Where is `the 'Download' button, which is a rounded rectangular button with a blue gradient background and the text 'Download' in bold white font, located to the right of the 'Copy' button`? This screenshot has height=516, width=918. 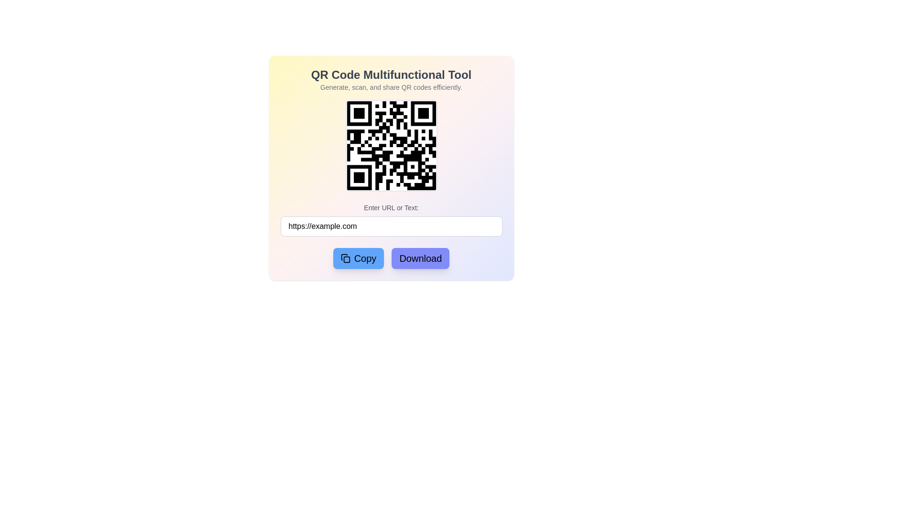 the 'Download' button, which is a rounded rectangular button with a blue gradient background and the text 'Download' in bold white font, located to the right of the 'Copy' button is located at coordinates (420, 258).